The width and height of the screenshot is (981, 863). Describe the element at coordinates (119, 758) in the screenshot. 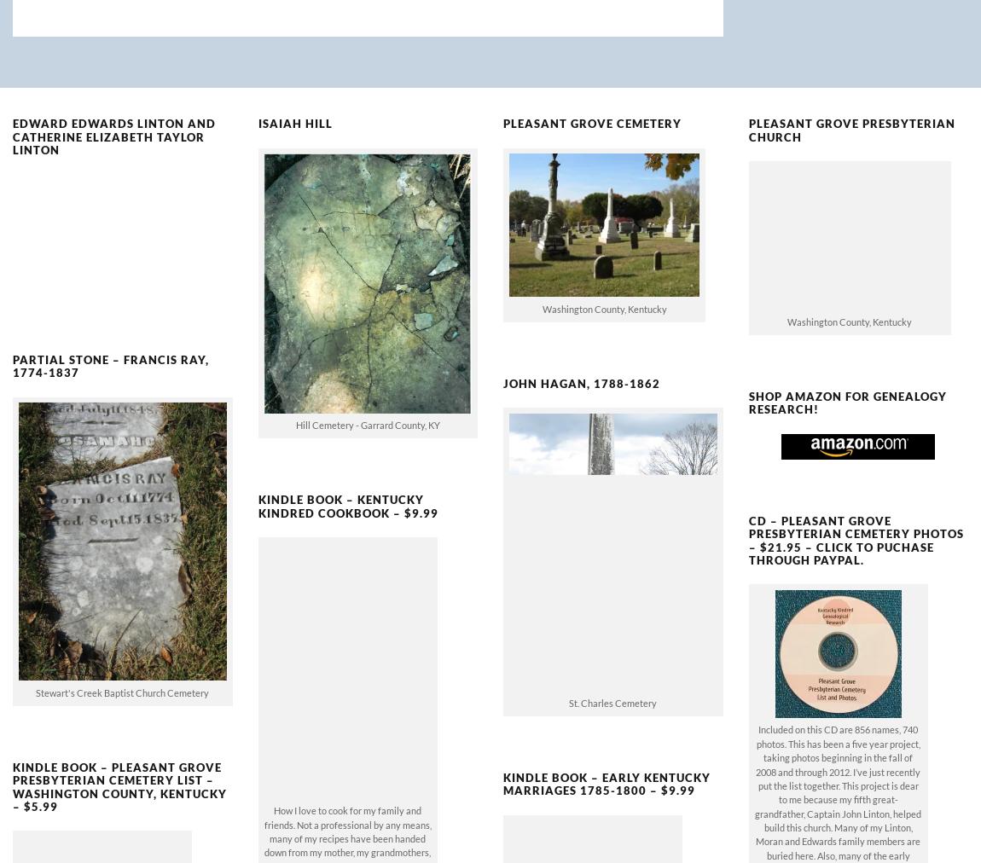

I see `'Kindle Book – Pleasant Grove Presbyterian Cemetery List – Washington County, Kentucky – $5.99'` at that location.